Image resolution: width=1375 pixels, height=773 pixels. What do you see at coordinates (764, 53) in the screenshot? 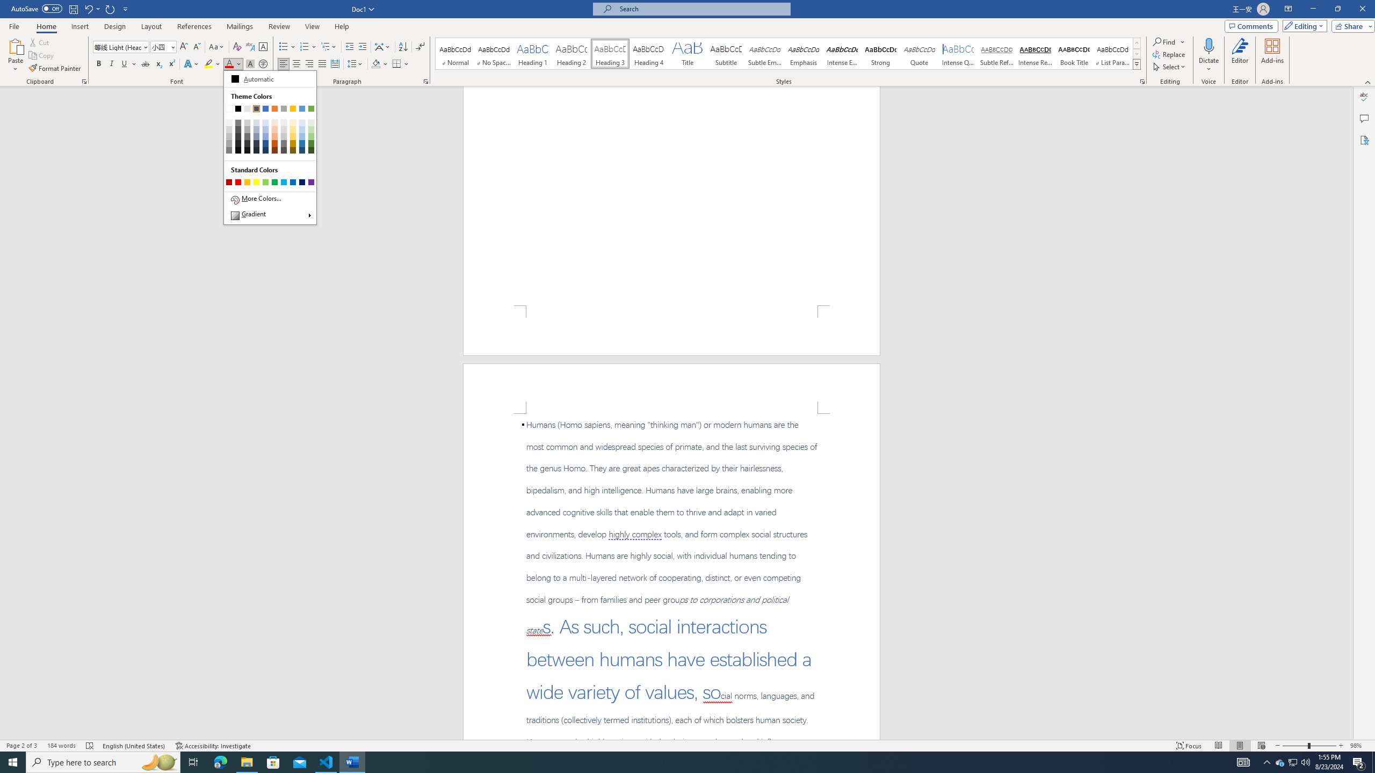
I see `'Subtle Emphasis'` at bounding box center [764, 53].